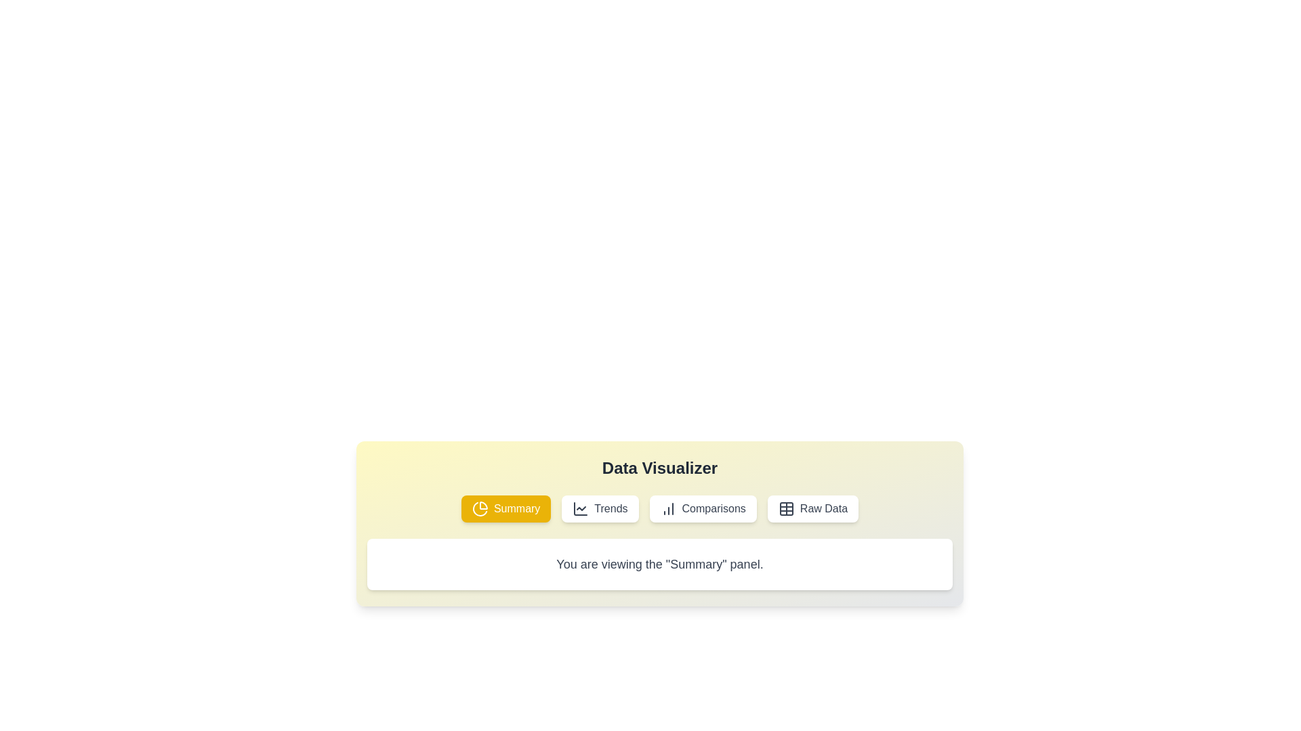 The height and width of the screenshot is (731, 1301). I want to click on the 'Raw Data' button with a square table icon, which is the fourth button in a row of four buttons, so click(813, 509).